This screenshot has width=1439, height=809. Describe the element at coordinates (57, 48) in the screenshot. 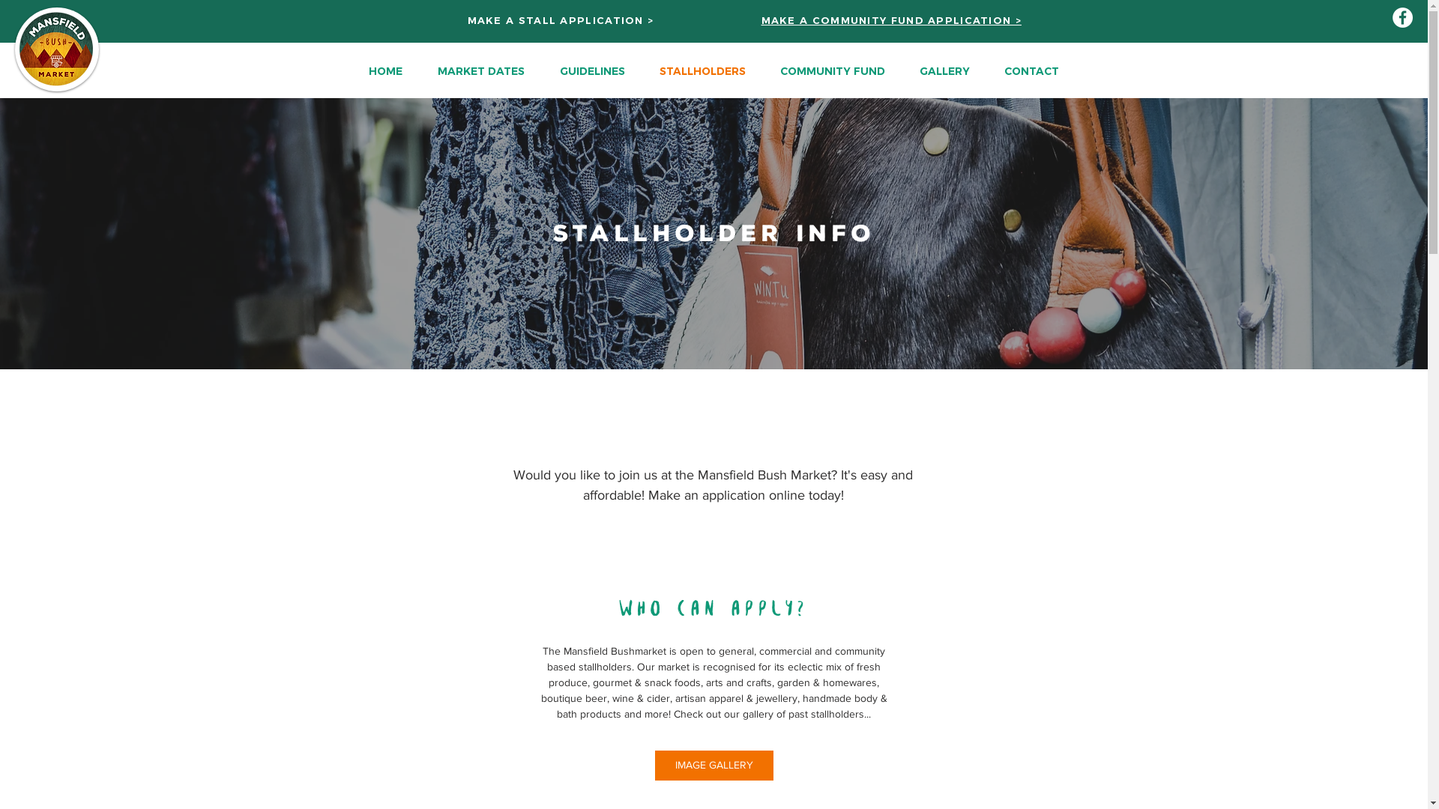

I see `'MBM_Circular_Logo_Mountain_.png'` at that location.